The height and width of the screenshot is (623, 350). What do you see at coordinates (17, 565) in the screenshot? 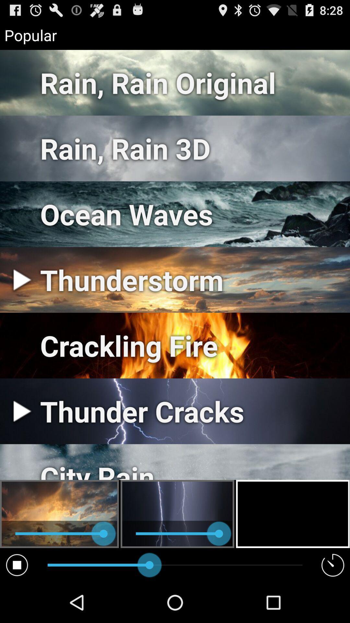
I see `icon next to rain on a app` at bounding box center [17, 565].